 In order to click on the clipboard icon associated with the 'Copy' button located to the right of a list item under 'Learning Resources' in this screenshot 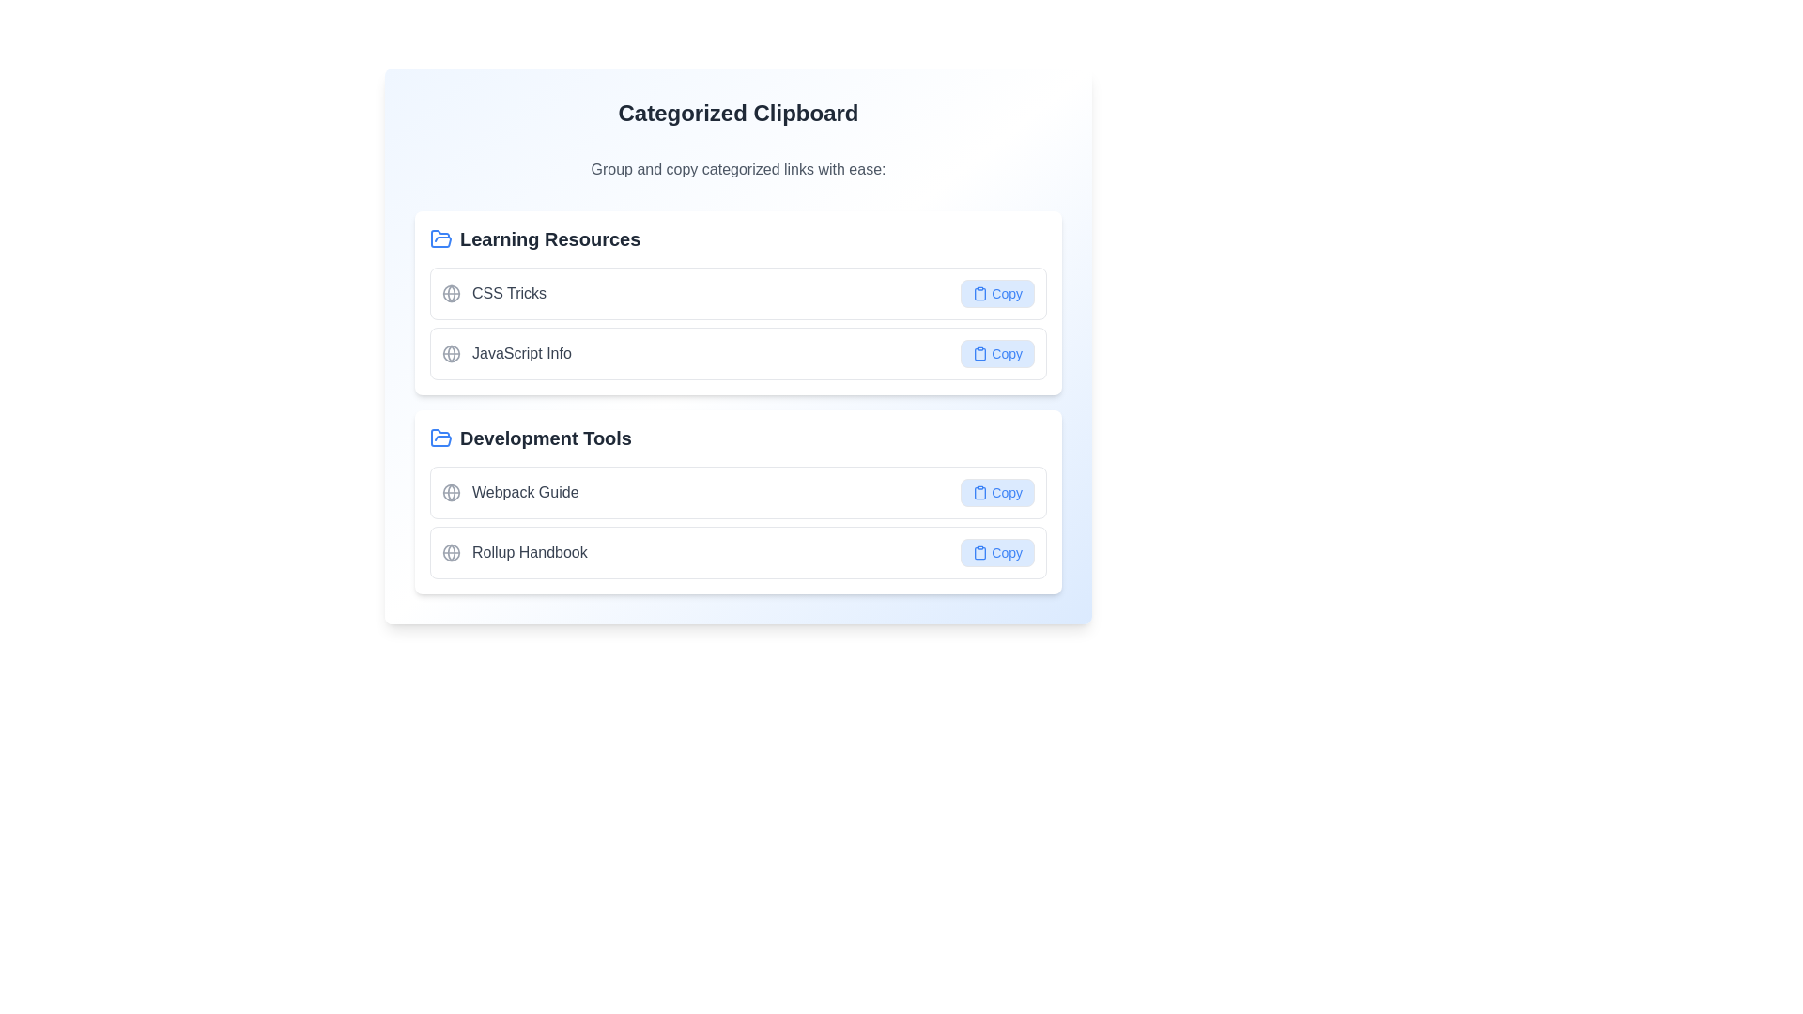, I will do `click(979, 293)`.